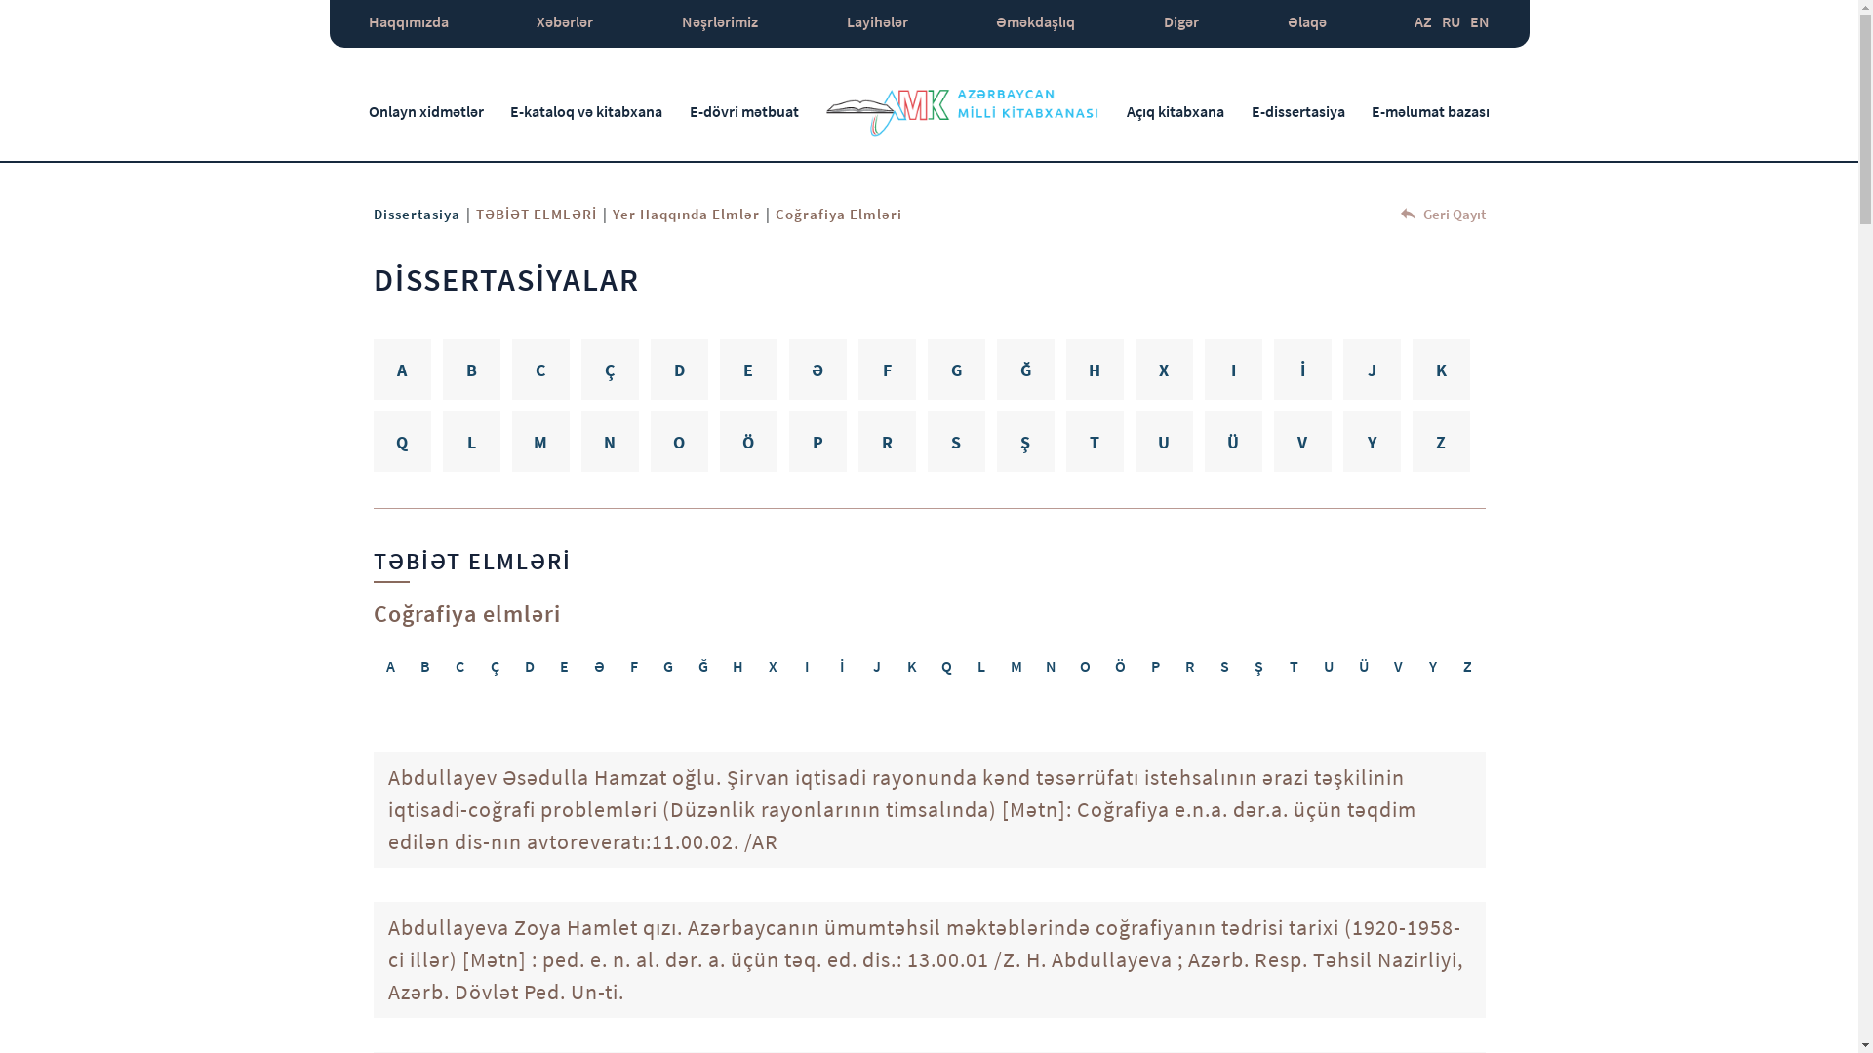  What do you see at coordinates (1414, 23) in the screenshot?
I see `'AZ'` at bounding box center [1414, 23].